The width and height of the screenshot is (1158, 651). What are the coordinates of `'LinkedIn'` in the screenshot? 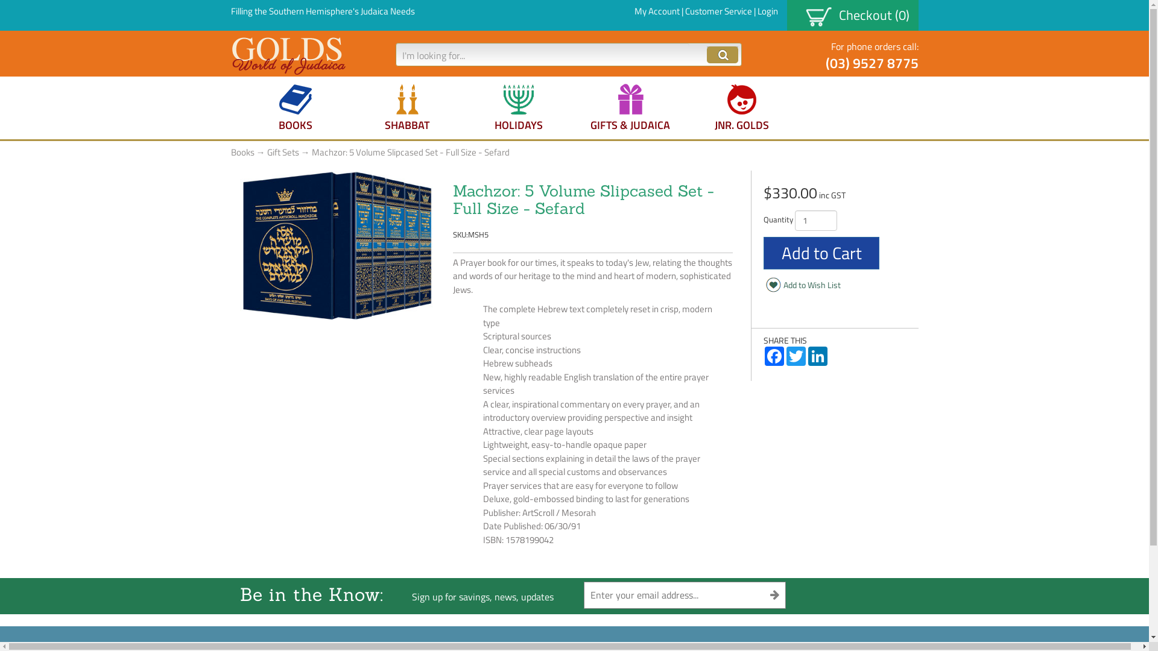 It's located at (818, 355).